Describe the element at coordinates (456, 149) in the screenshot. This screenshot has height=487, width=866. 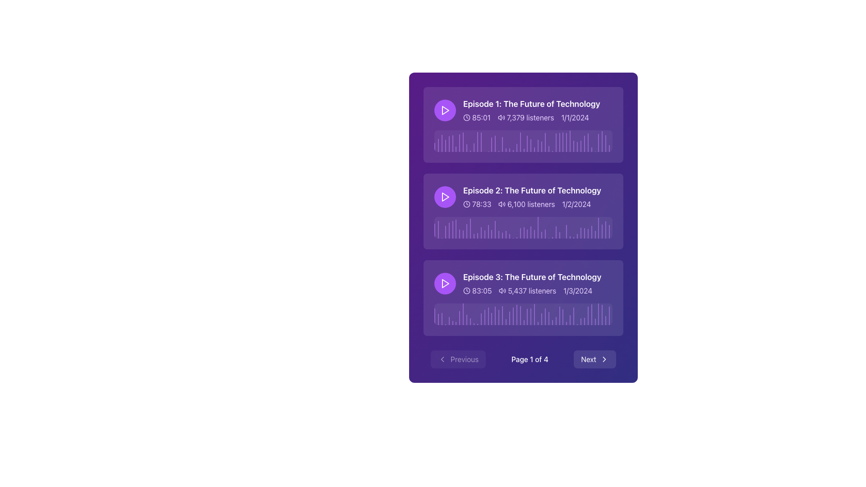
I see `the seventh decorative graphical element, which serves as a visual cue for a specific data point within the waveform` at that location.